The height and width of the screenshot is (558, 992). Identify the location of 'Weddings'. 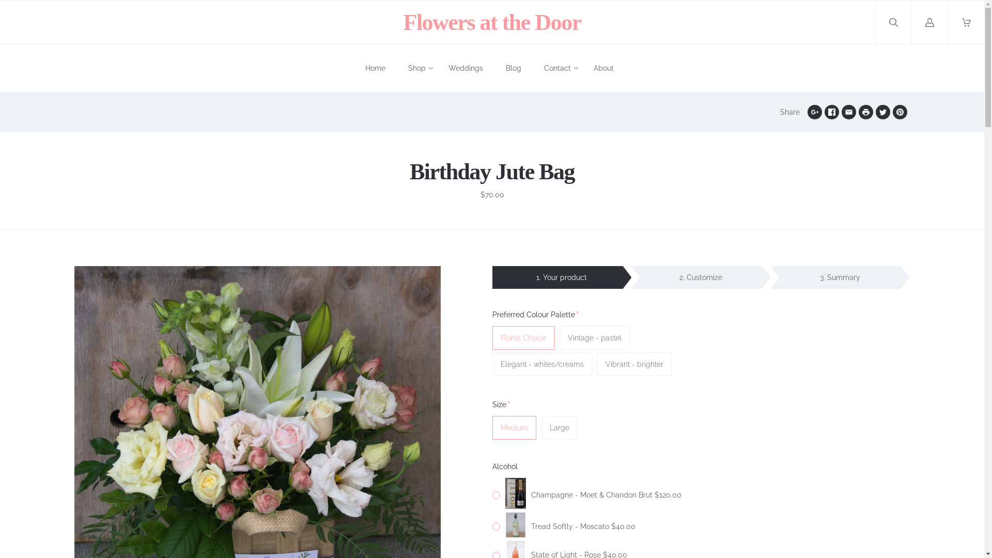
(448, 68).